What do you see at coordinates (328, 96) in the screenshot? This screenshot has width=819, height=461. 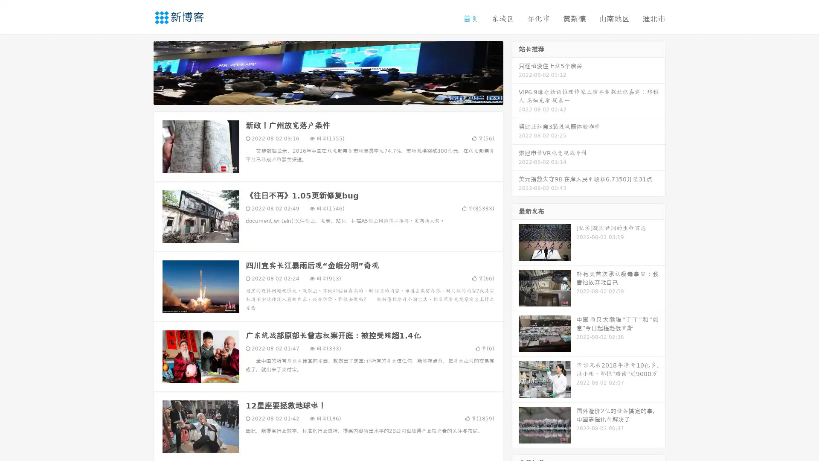 I see `Go to slide 2` at bounding box center [328, 96].